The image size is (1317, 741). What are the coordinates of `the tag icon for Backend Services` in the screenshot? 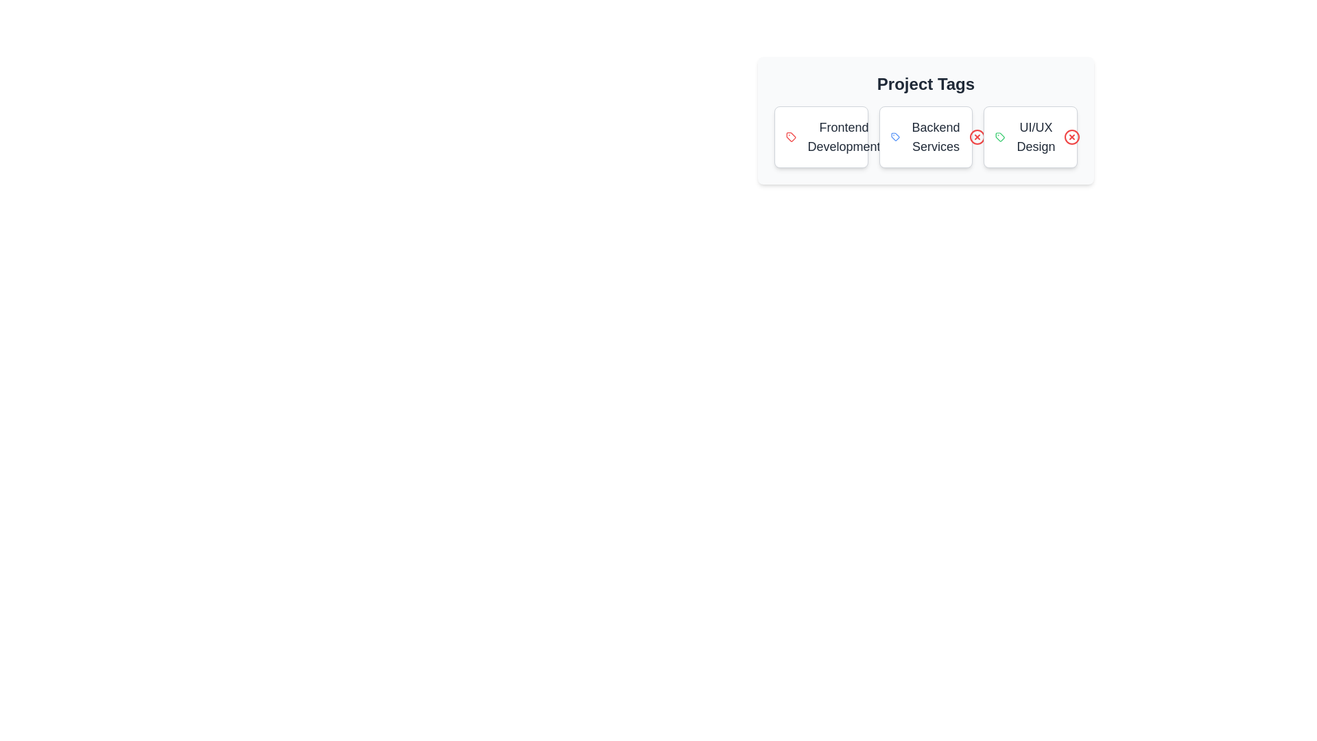 It's located at (895, 137).